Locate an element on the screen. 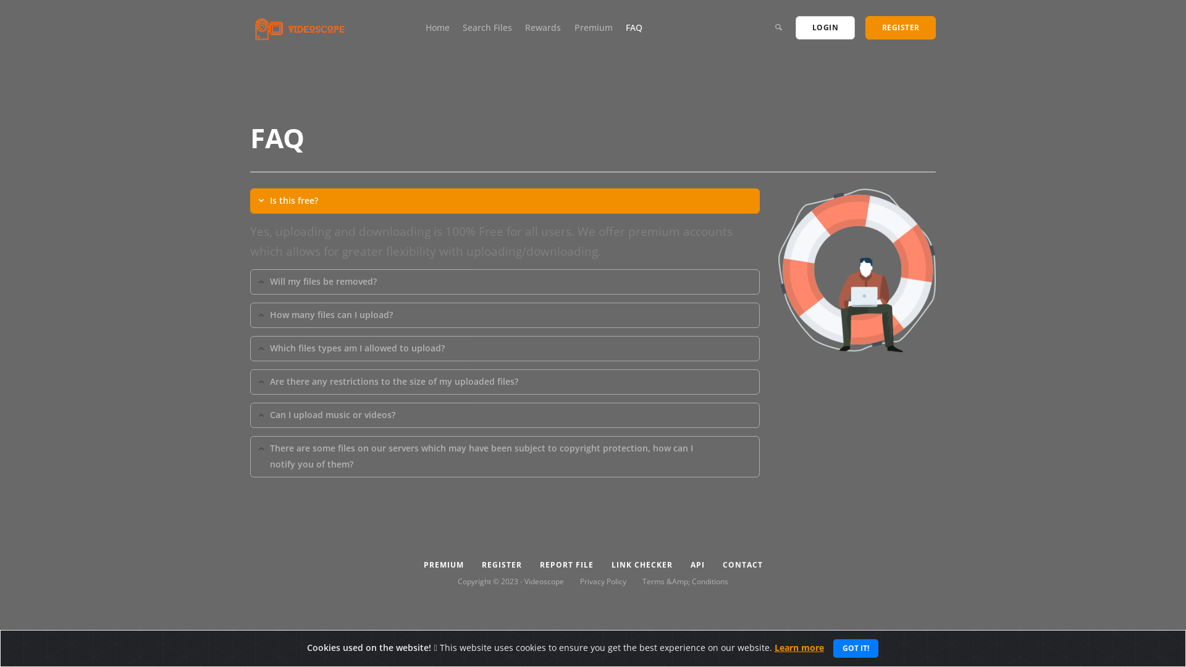 This screenshot has height=667, width=1186. 'Premium' is located at coordinates (593, 27).